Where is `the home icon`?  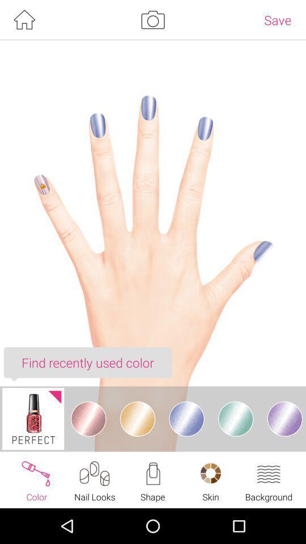
the home icon is located at coordinates (24, 20).